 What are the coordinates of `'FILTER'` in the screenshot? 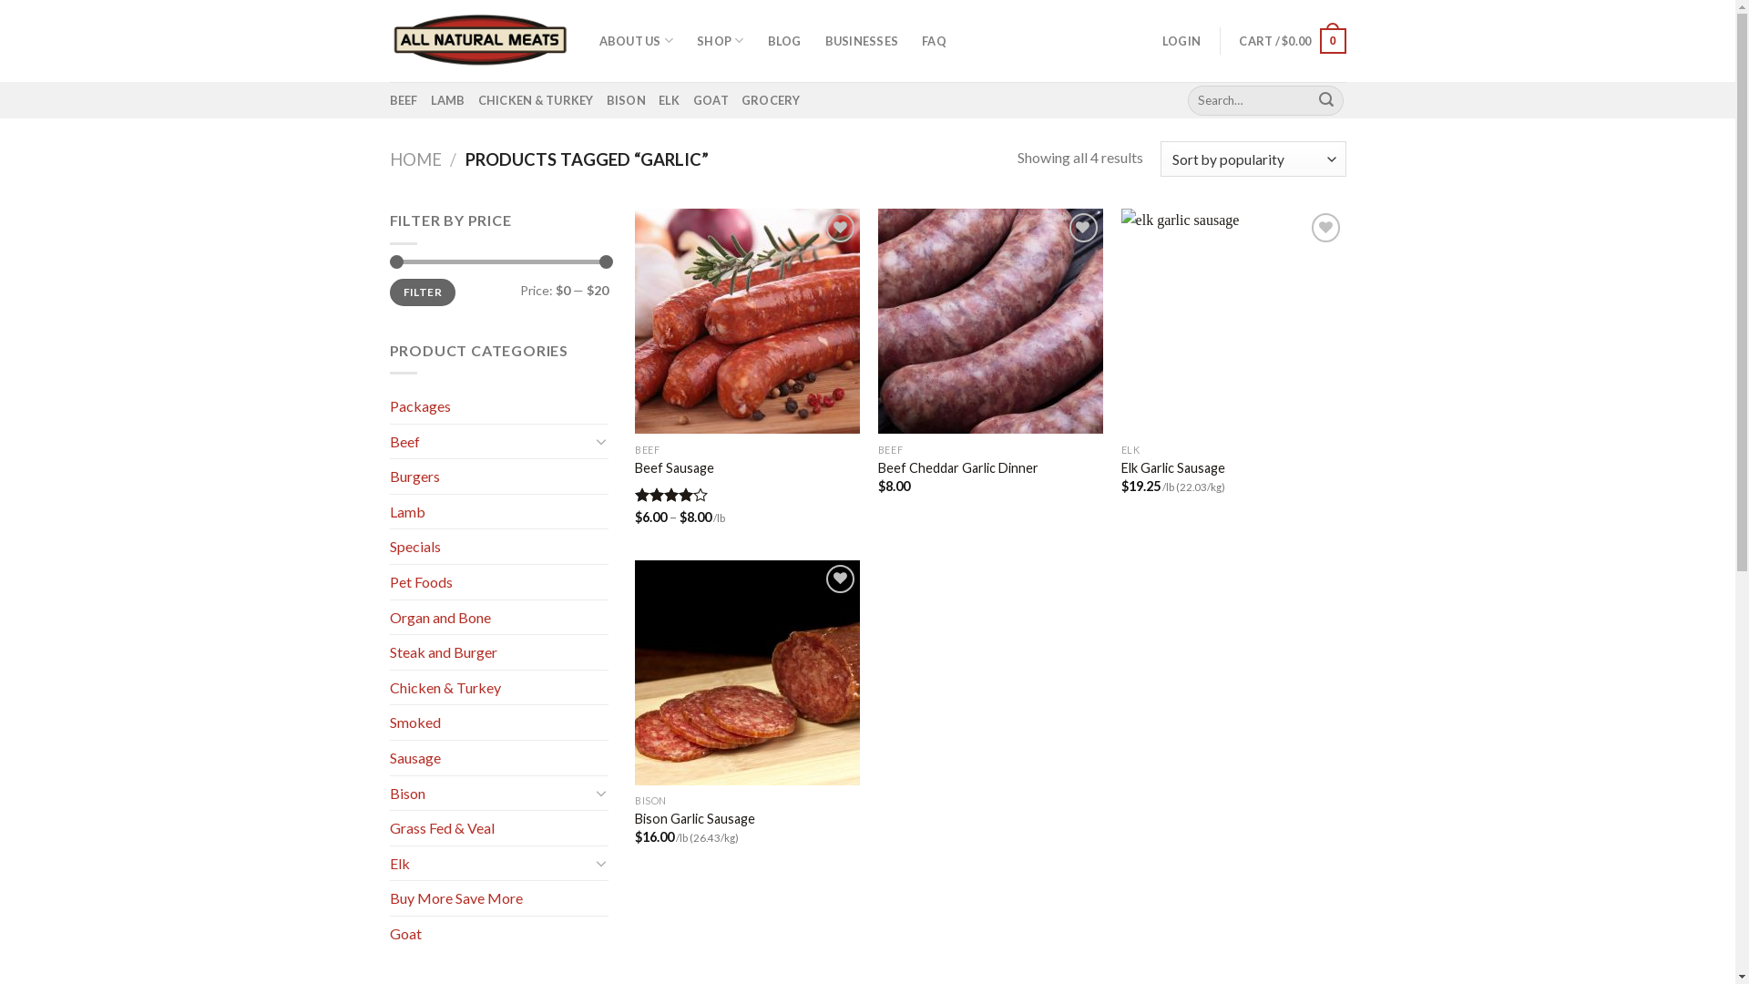 It's located at (422, 292).